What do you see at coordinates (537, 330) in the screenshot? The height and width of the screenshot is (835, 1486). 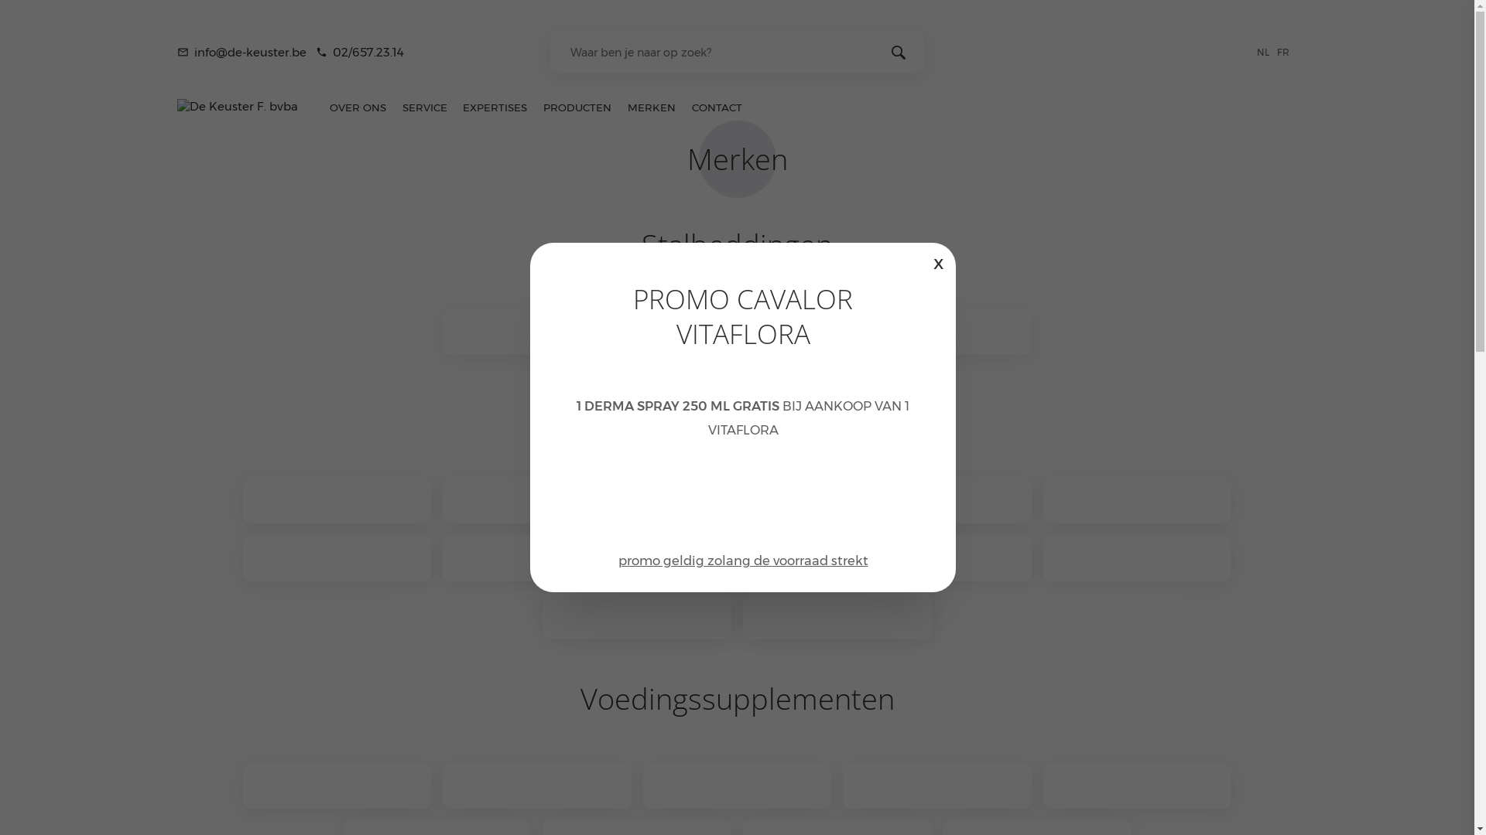 I see `'ALLSPAN'` at bounding box center [537, 330].